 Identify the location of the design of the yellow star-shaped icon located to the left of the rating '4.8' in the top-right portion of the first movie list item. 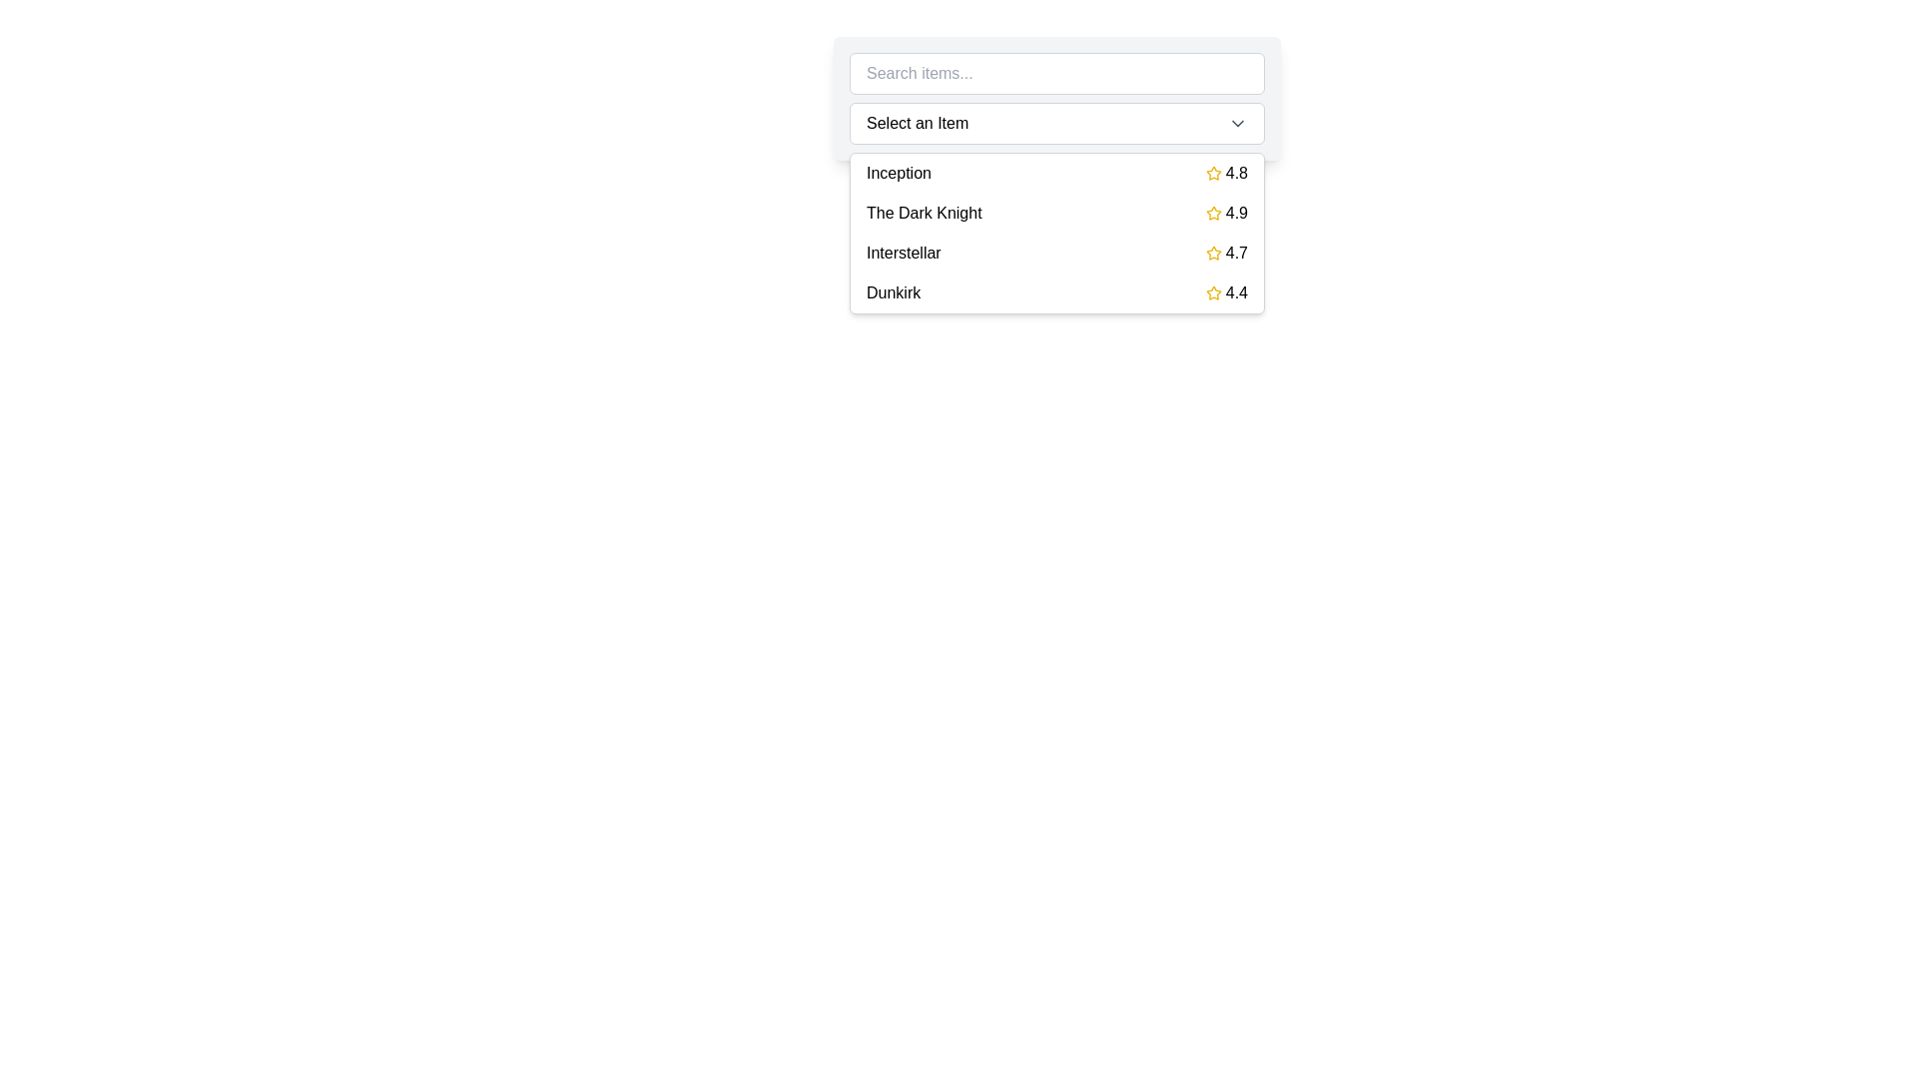
(1212, 172).